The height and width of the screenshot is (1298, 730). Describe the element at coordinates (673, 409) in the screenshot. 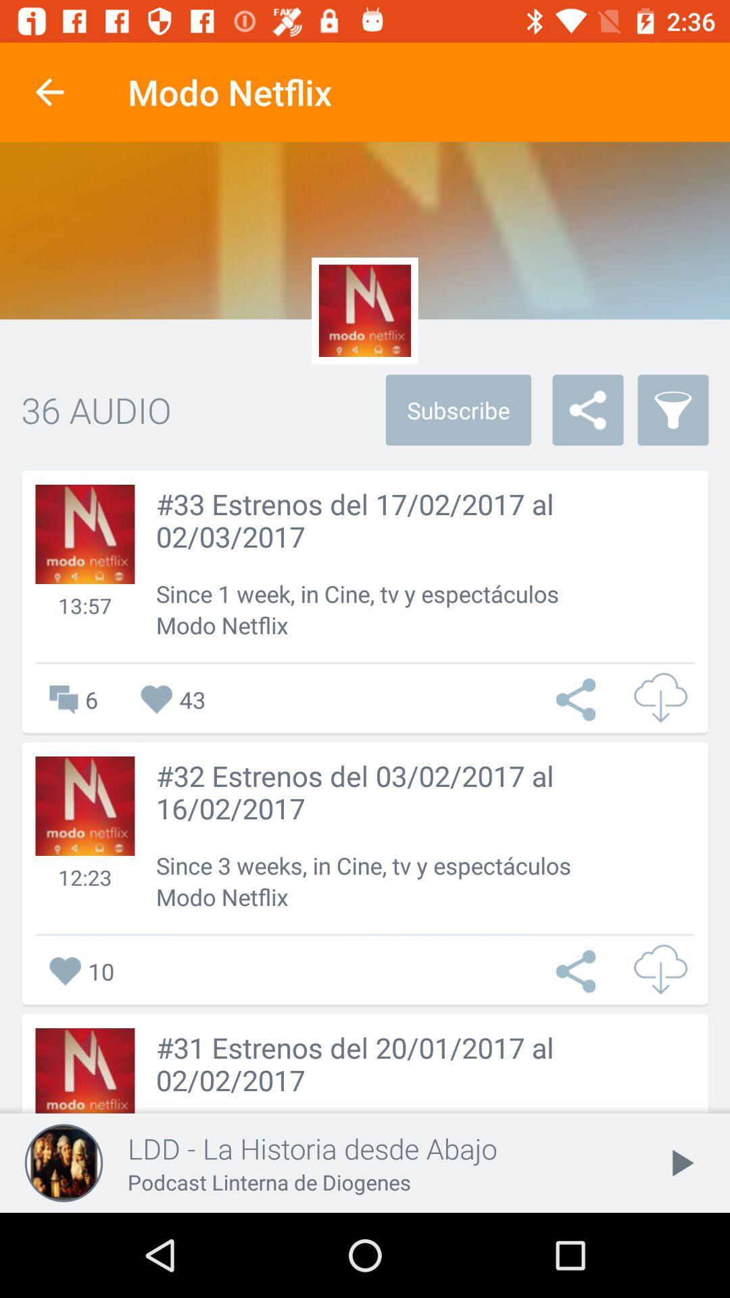

I see `icon above the 33 estrenos del item` at that location.